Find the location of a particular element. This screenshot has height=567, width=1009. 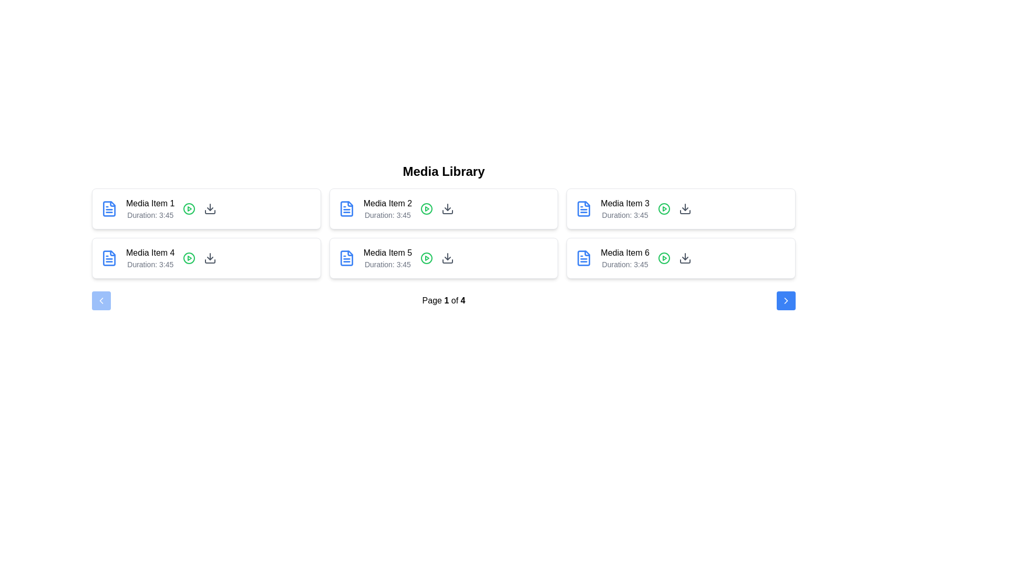

the green circular play button icon located within the 'Media Item 6' card is located at coordinates (663, 258).